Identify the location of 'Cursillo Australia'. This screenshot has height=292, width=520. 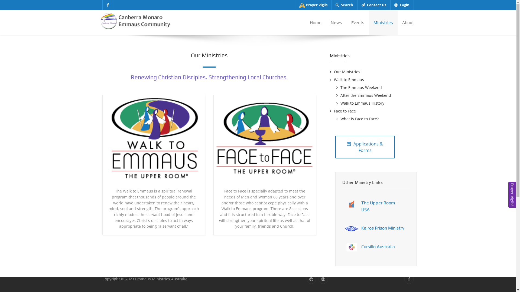
(378, 246).